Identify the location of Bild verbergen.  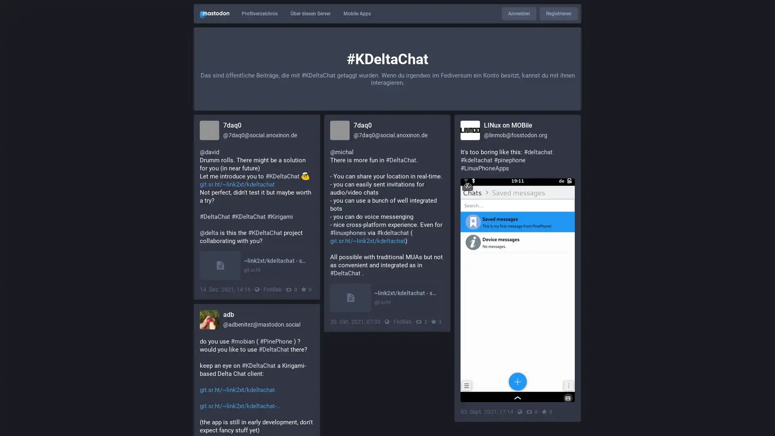
(467, 185).